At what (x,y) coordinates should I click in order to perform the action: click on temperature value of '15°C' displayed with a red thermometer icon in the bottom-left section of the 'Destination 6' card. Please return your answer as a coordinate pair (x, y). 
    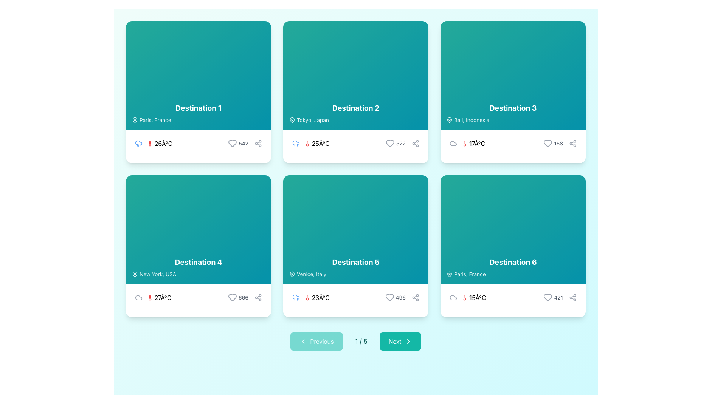
    Looking at the image, I should click on (467, 297).